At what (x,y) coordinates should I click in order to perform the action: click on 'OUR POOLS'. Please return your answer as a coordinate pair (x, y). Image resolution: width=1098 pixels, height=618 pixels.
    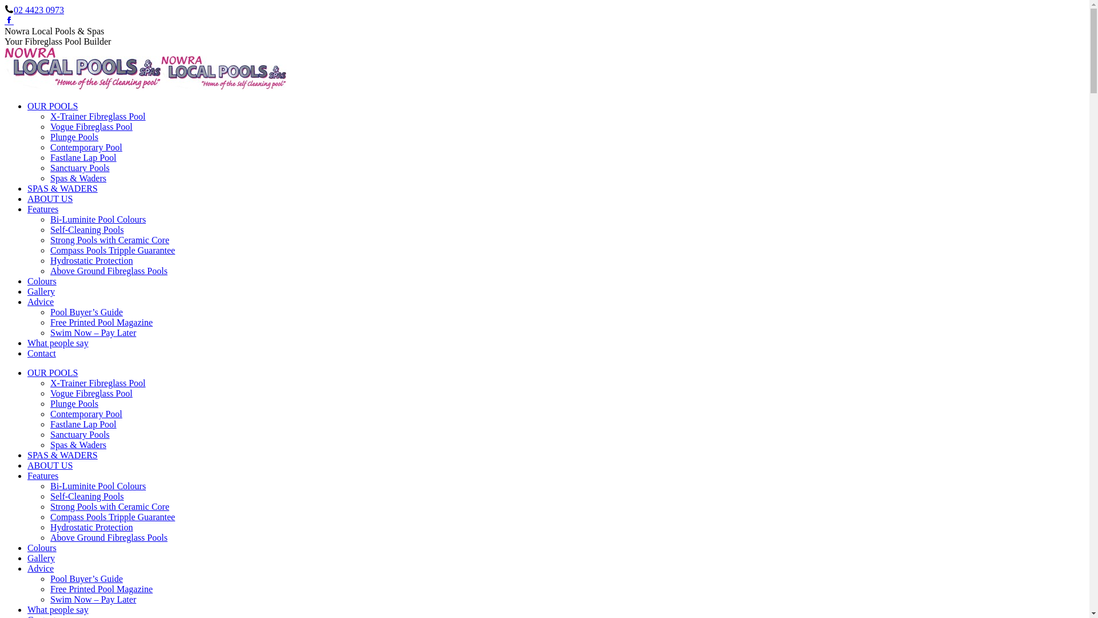
    Looking at the image, I should click on (51, 106).